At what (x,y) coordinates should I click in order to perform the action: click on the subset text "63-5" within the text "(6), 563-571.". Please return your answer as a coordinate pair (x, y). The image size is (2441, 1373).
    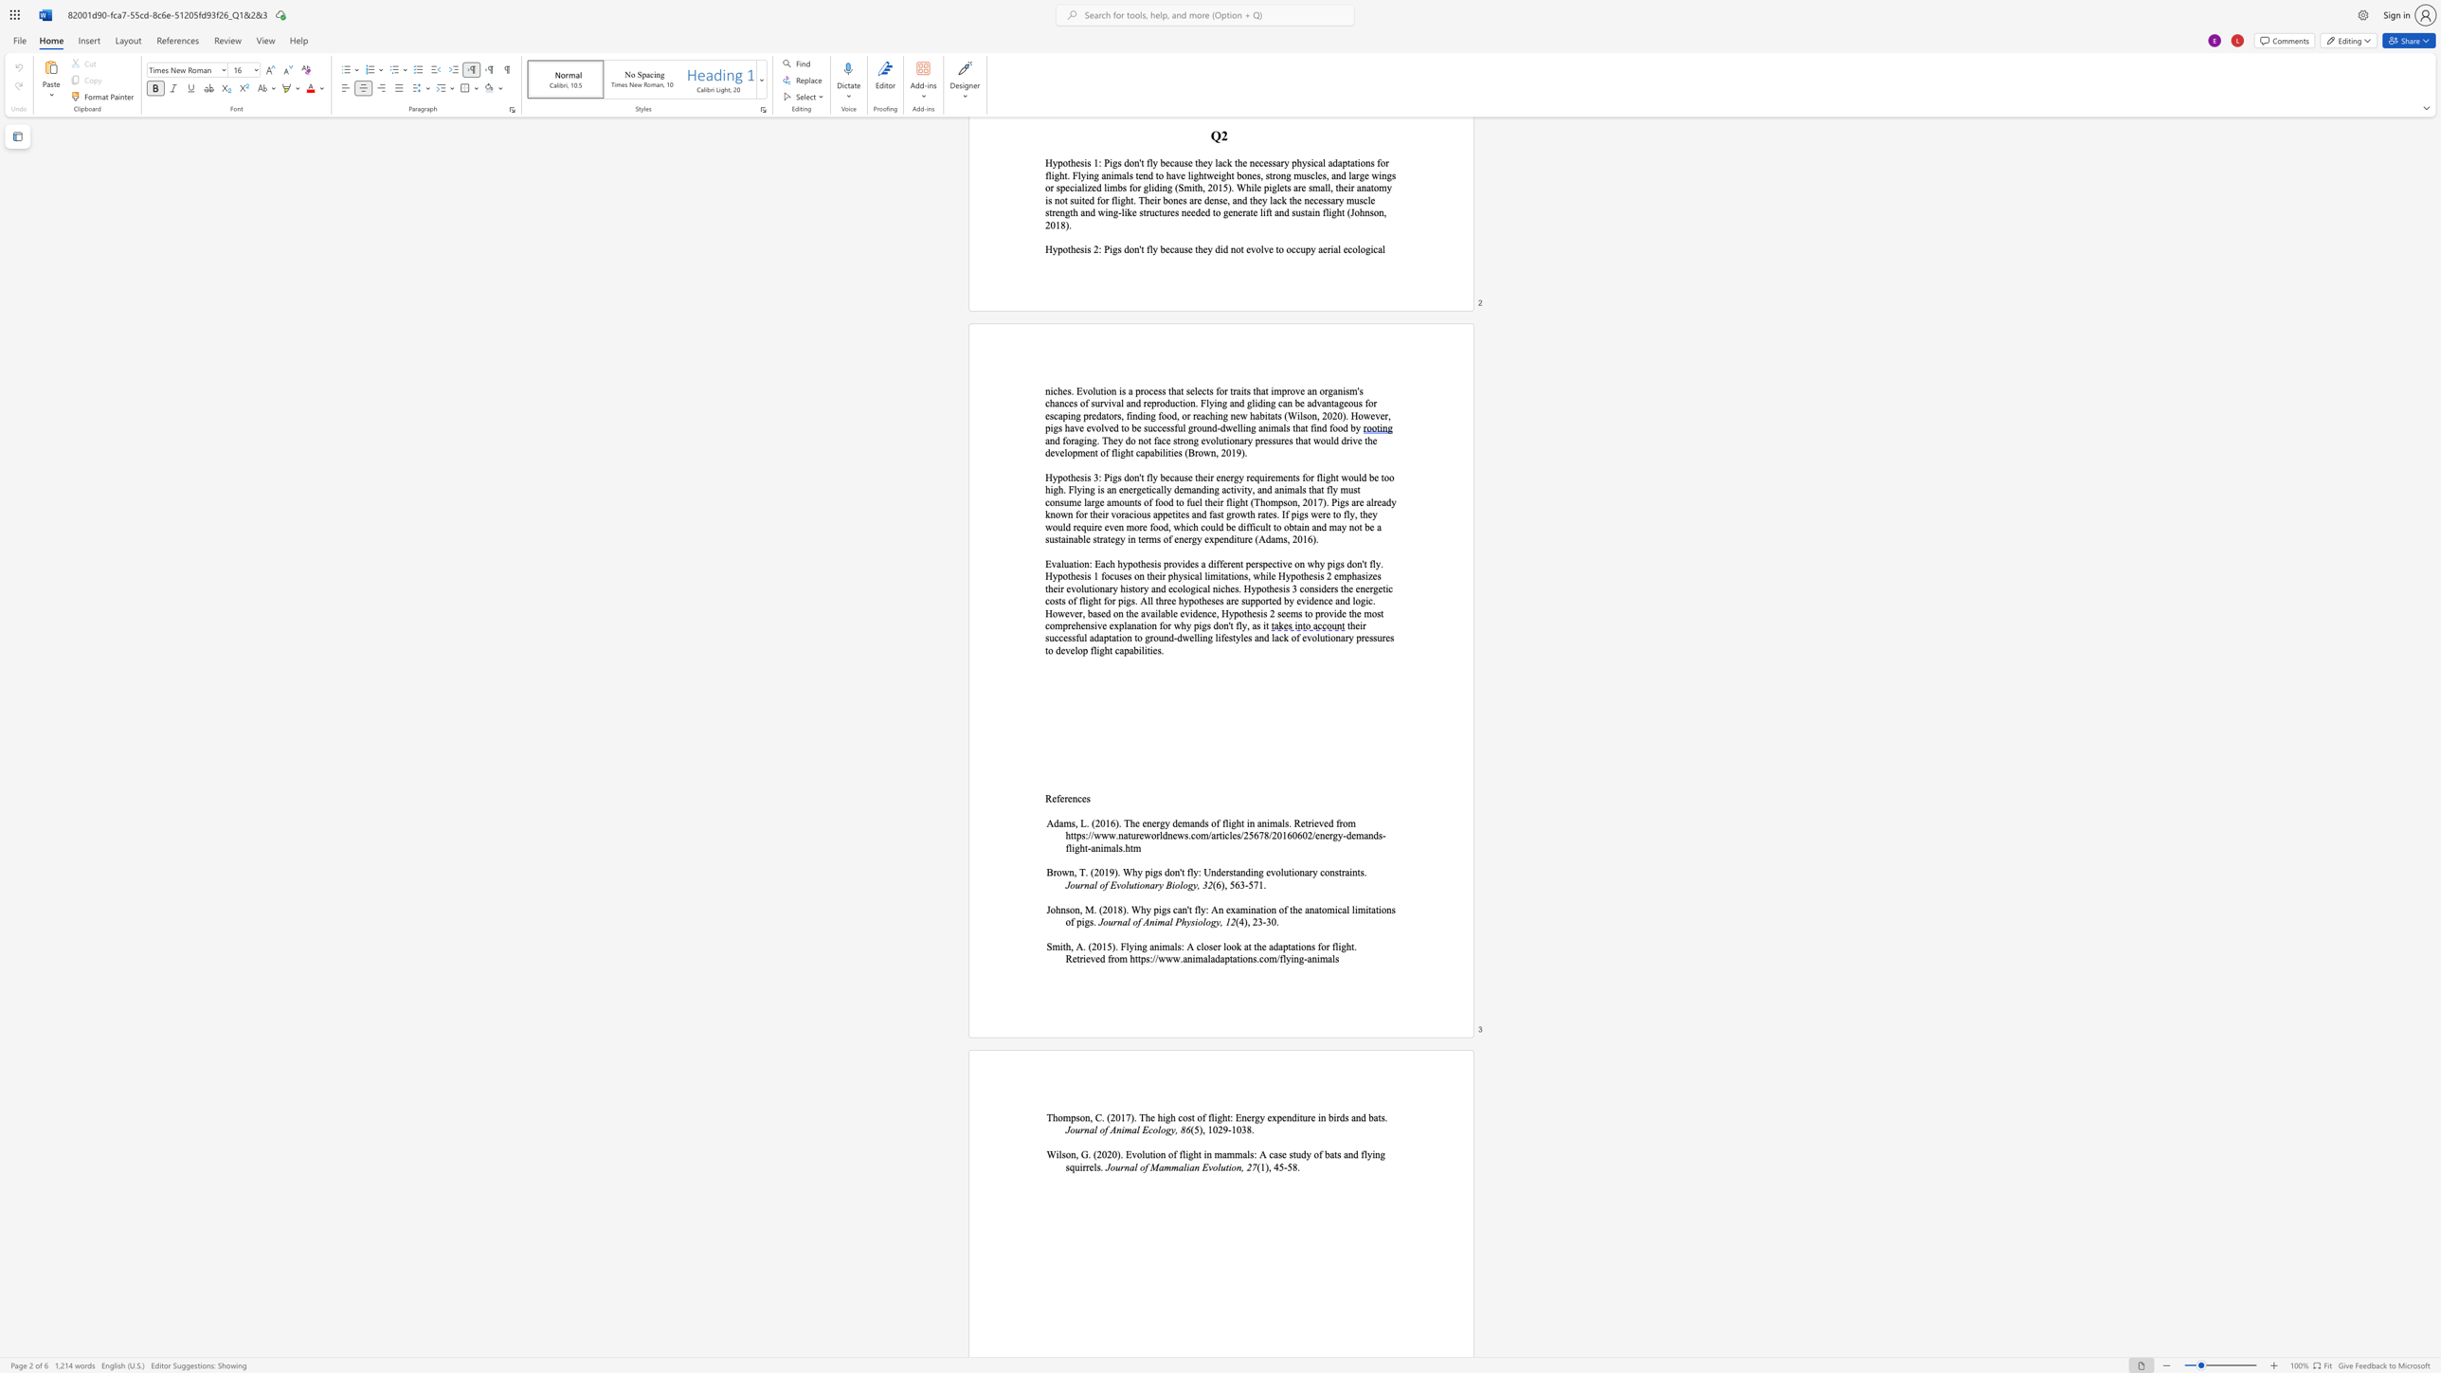
    Looking at the image, I should click on (1235, 884).